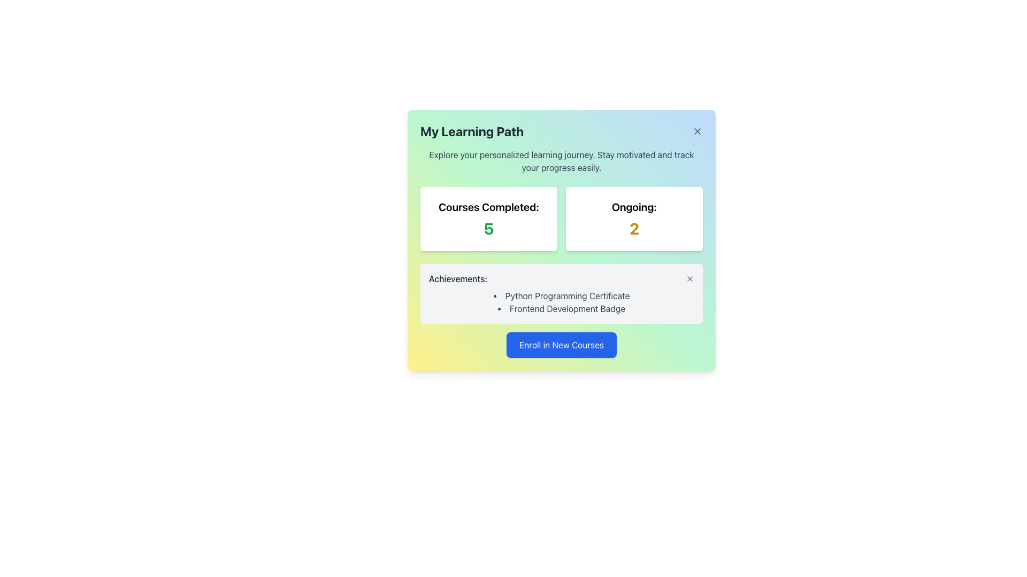 Image resolution: width=1027 pixels, height=577 pixels. Describe the element at coordinates (488, 228) in the screenshot. I see `the static text that displays the count of completed courses, located under the 'Courses Completed:' label in the left section of the card` at that location.